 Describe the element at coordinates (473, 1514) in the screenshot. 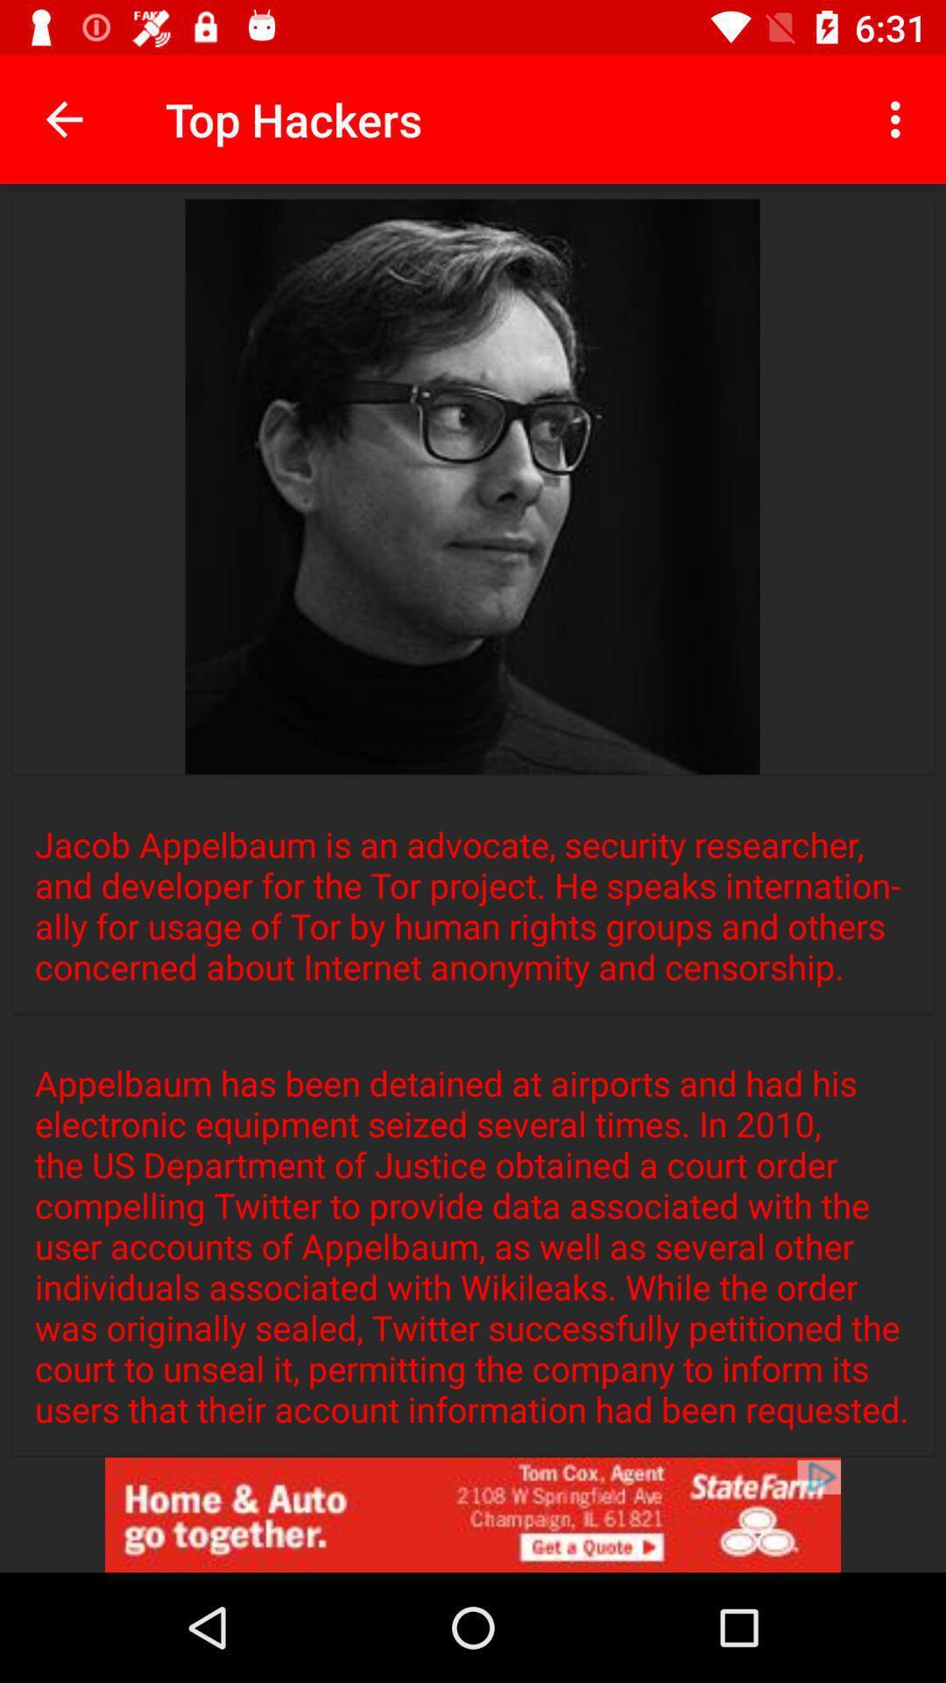

I see `statefarm advertisement` at that location.